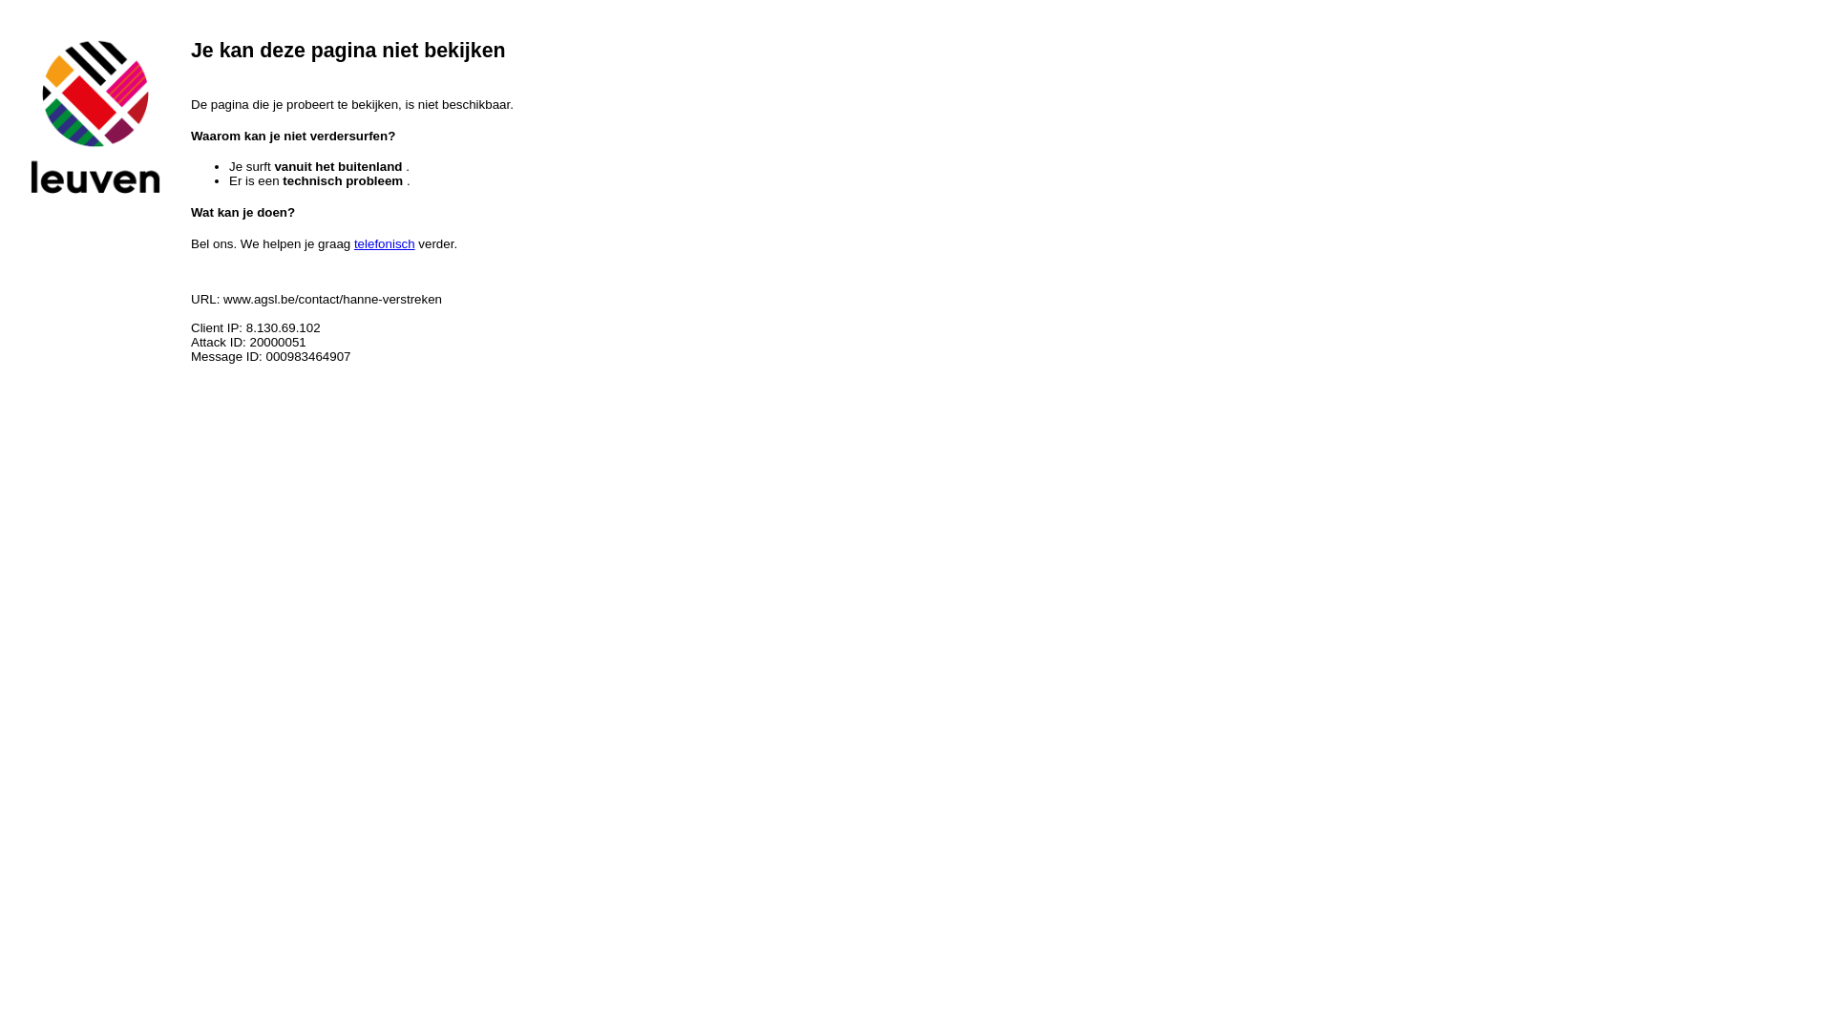 Image resolution: width=1833 pixels, height=1031 pixels. What do you see at coordinates (353, 242) in the screenshot?
I see `'telefonisch'` at bounding box center [353, 242].